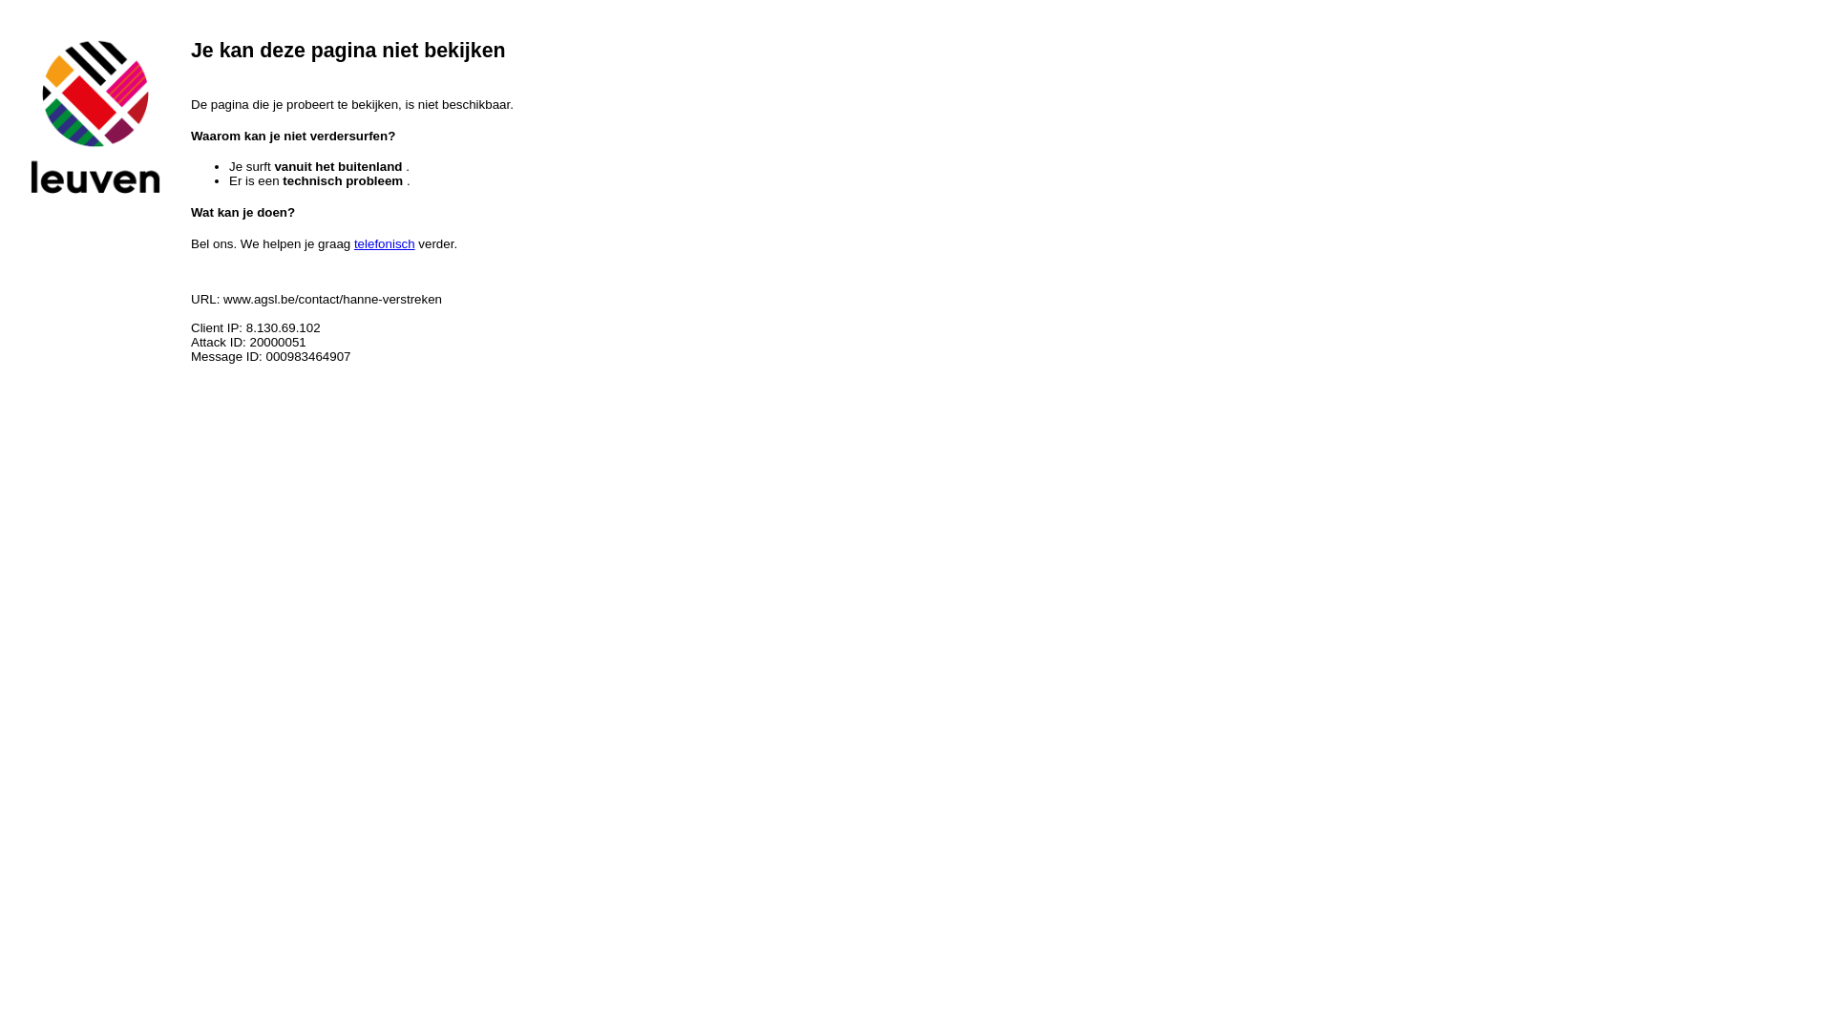 Image resolution: width=1833 pixels, height=1031 pixels. What do you see at coordinates (353, 242) in the screenshot?
I see `'telefonisch'` at bounding box center [353, 242].